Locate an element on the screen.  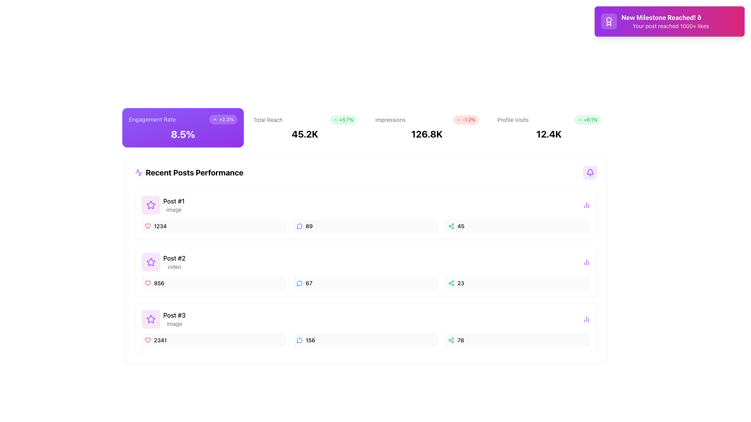
the static text displaying the bold number '67' located to the right of the blue chat bubble icon in the 'Recent Posts Performance' section, specifically in the row for 'Post #2.' is located at coordinates (308, 283).